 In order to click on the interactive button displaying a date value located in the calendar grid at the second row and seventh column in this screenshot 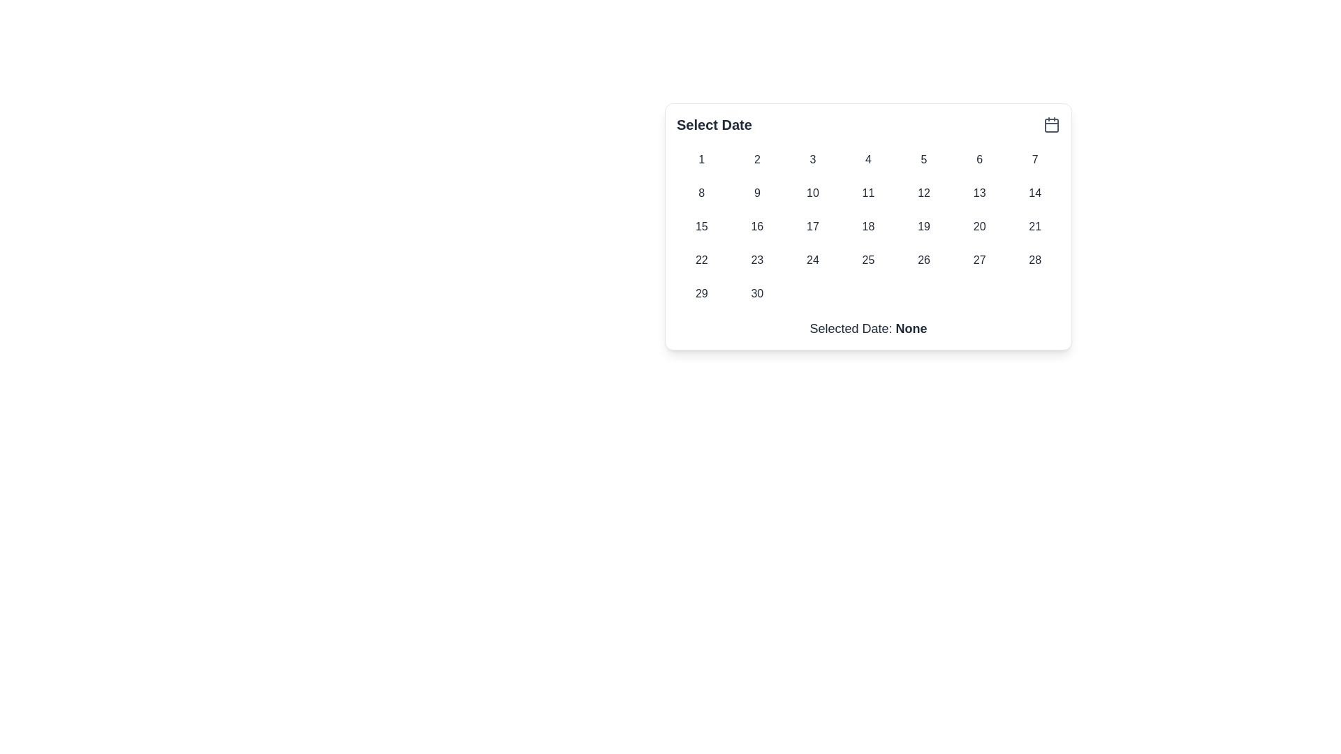, I will do `click(1035, 193)`.